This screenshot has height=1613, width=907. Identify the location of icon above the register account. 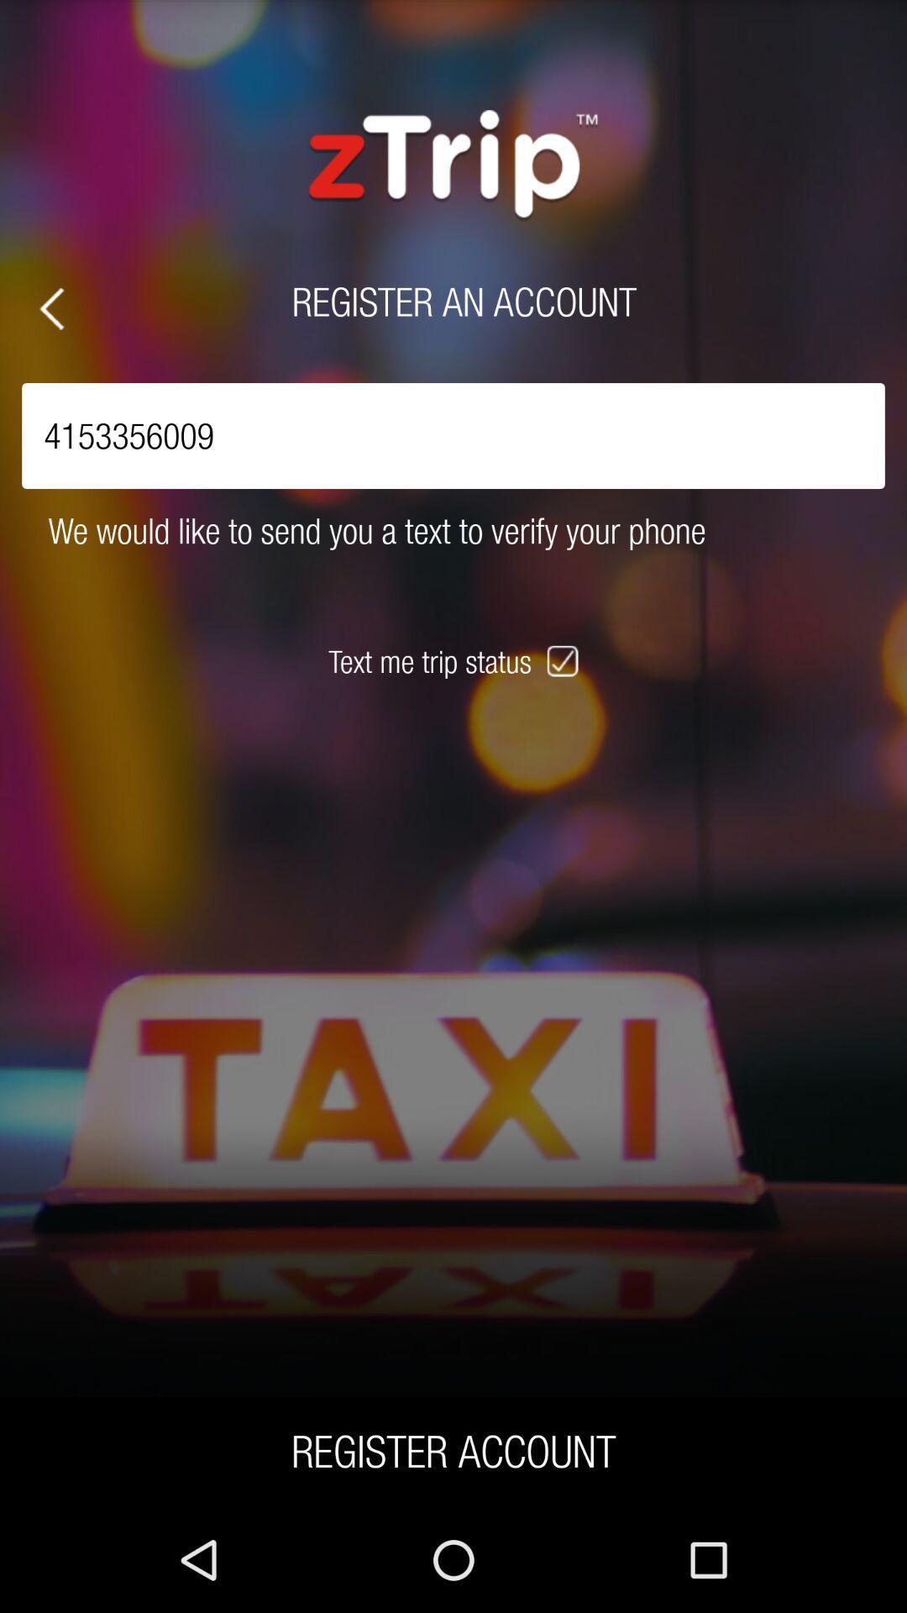
(564, 660).